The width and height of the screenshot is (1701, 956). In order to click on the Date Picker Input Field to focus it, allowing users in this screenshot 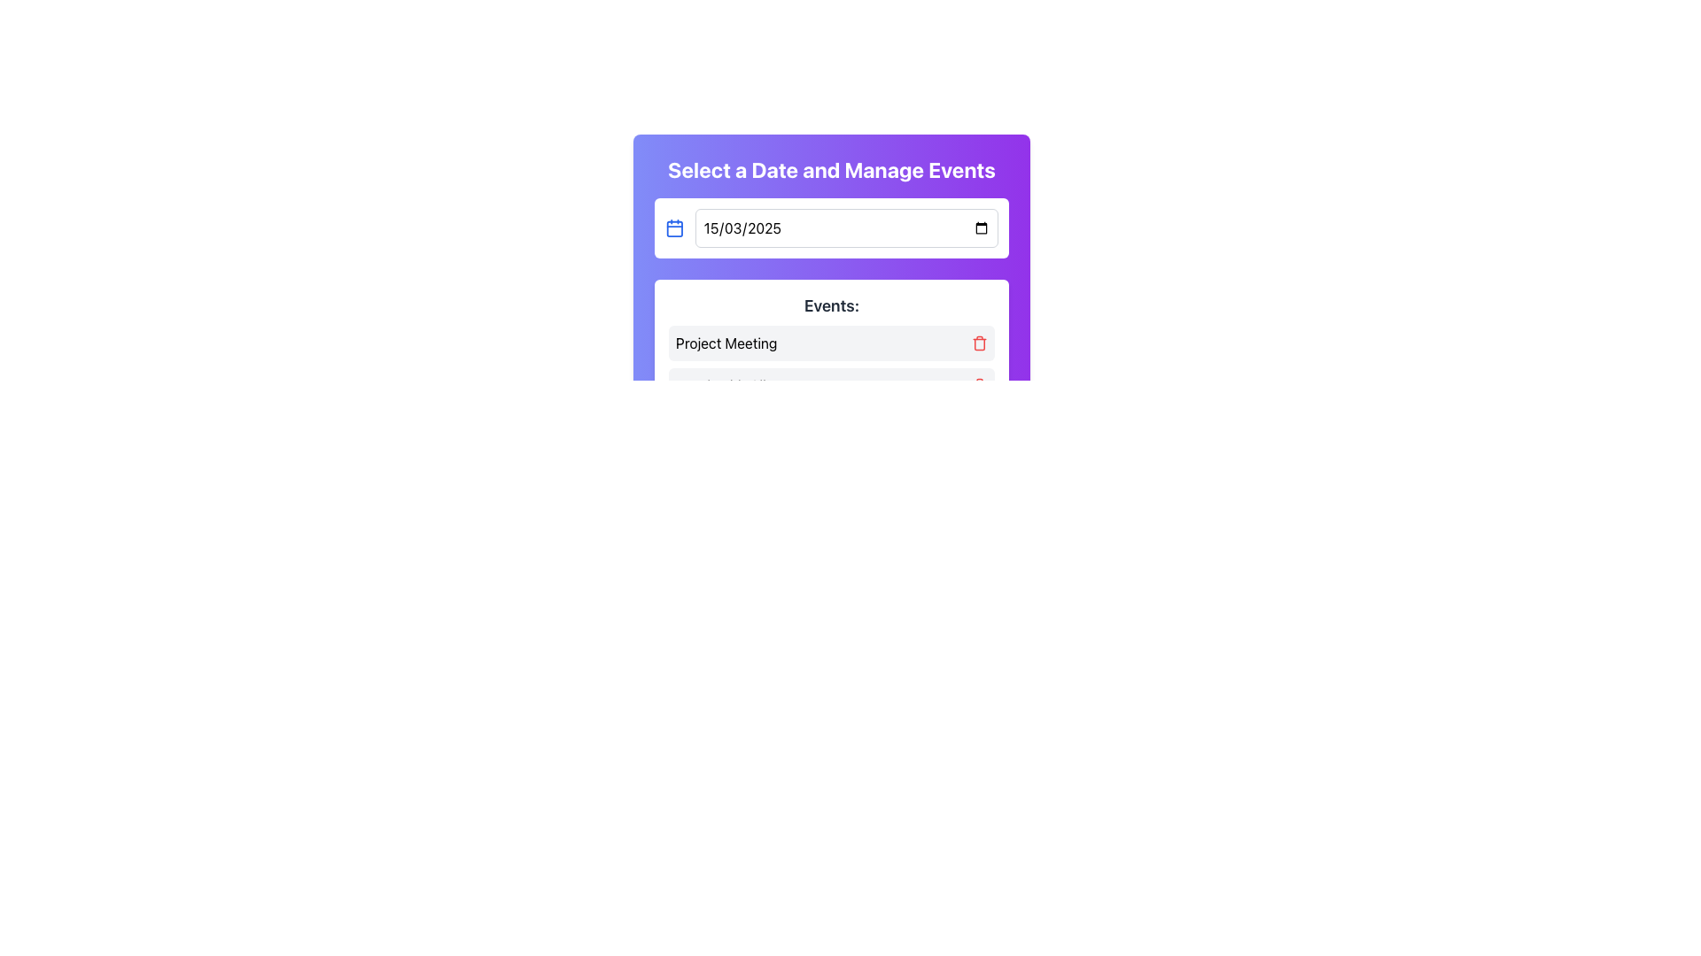, I will do `click(845, 227)`.